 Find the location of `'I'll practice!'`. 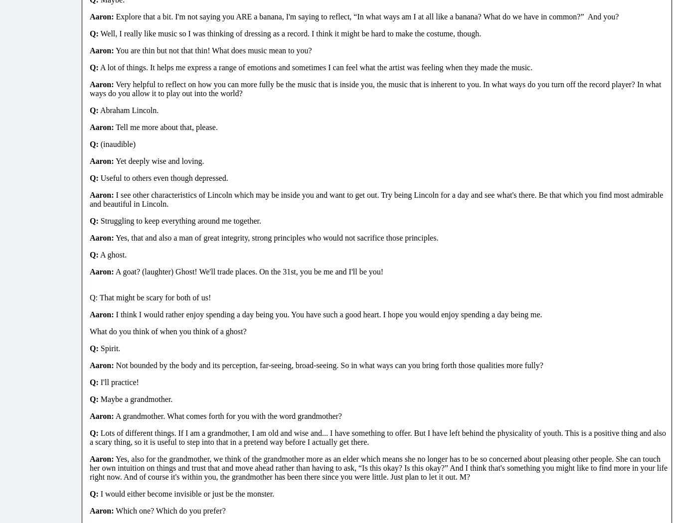

'I'll practice!' is located at coordinates (118, 382).